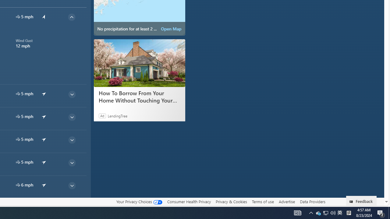 The image size is (390, 219). I want to click on 'Your Privacy Choices', so click(139, 201).